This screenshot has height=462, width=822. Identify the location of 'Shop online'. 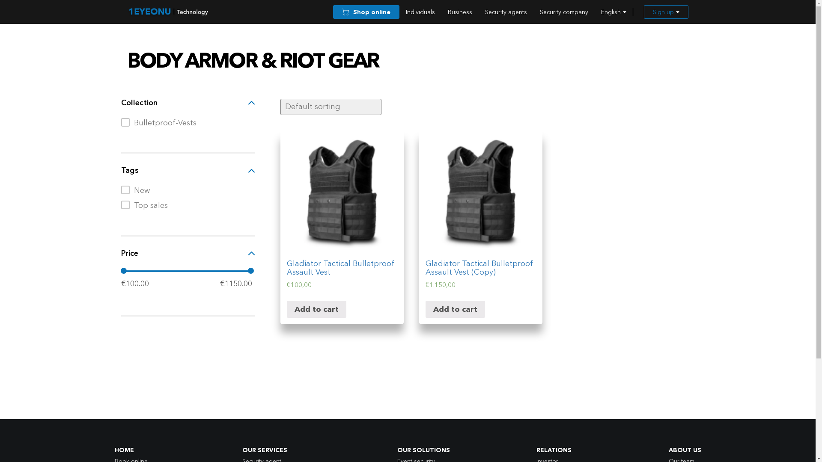
(366, 12).